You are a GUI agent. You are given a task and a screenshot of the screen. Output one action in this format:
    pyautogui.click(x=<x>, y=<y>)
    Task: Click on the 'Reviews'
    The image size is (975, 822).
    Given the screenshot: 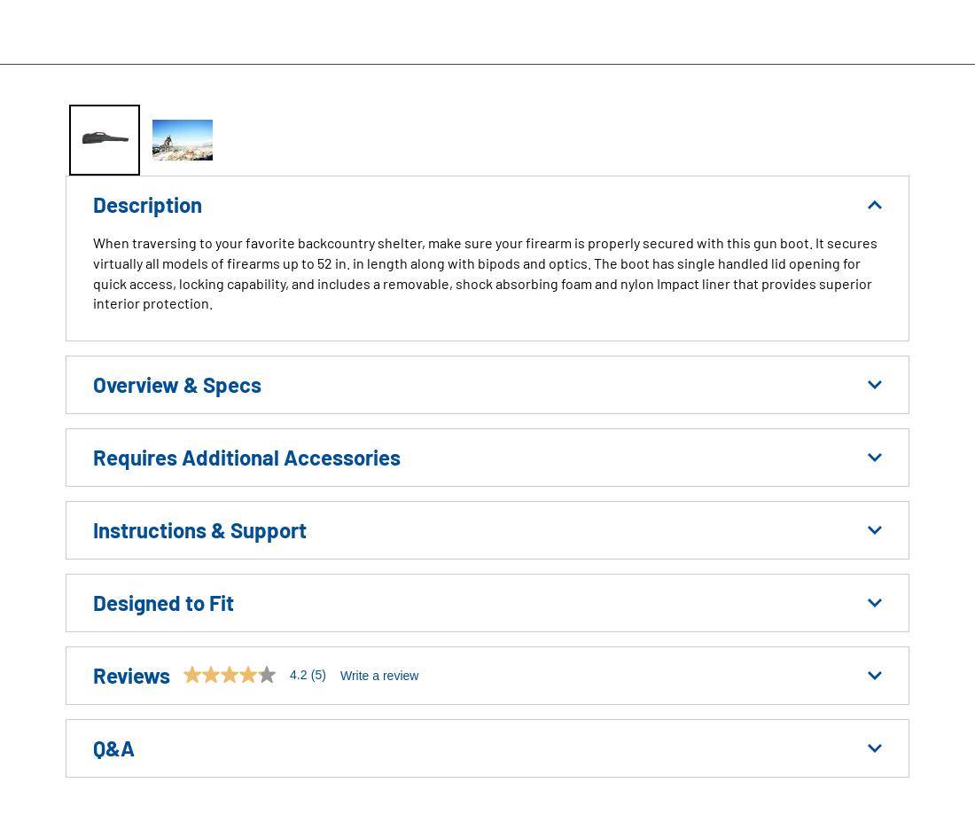 What is the action you would take?
    pyautogui.click(x=130, y=674)
    